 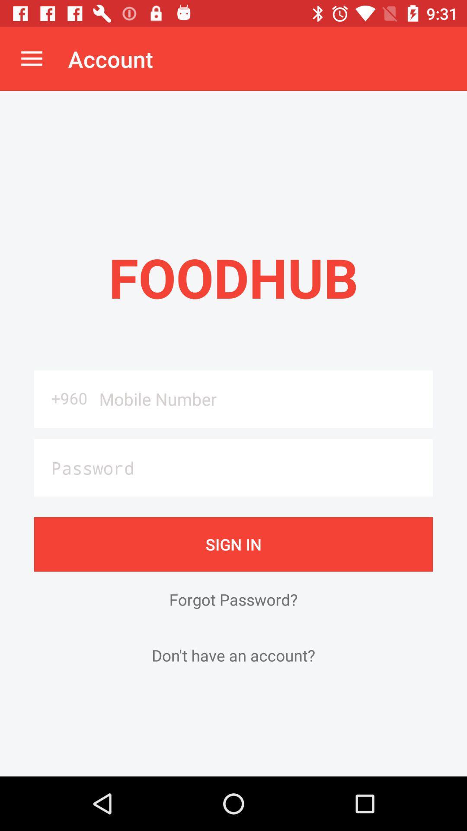 What do you see at coordinates (31, 58) in the screenshot?
I see `the icon next to the account app` at bounding box center [31, 58].